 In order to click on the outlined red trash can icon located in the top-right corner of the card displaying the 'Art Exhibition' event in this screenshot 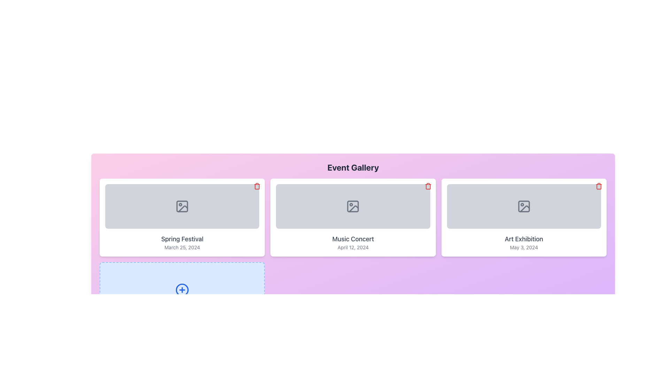, I will do `click(598, 186)`.